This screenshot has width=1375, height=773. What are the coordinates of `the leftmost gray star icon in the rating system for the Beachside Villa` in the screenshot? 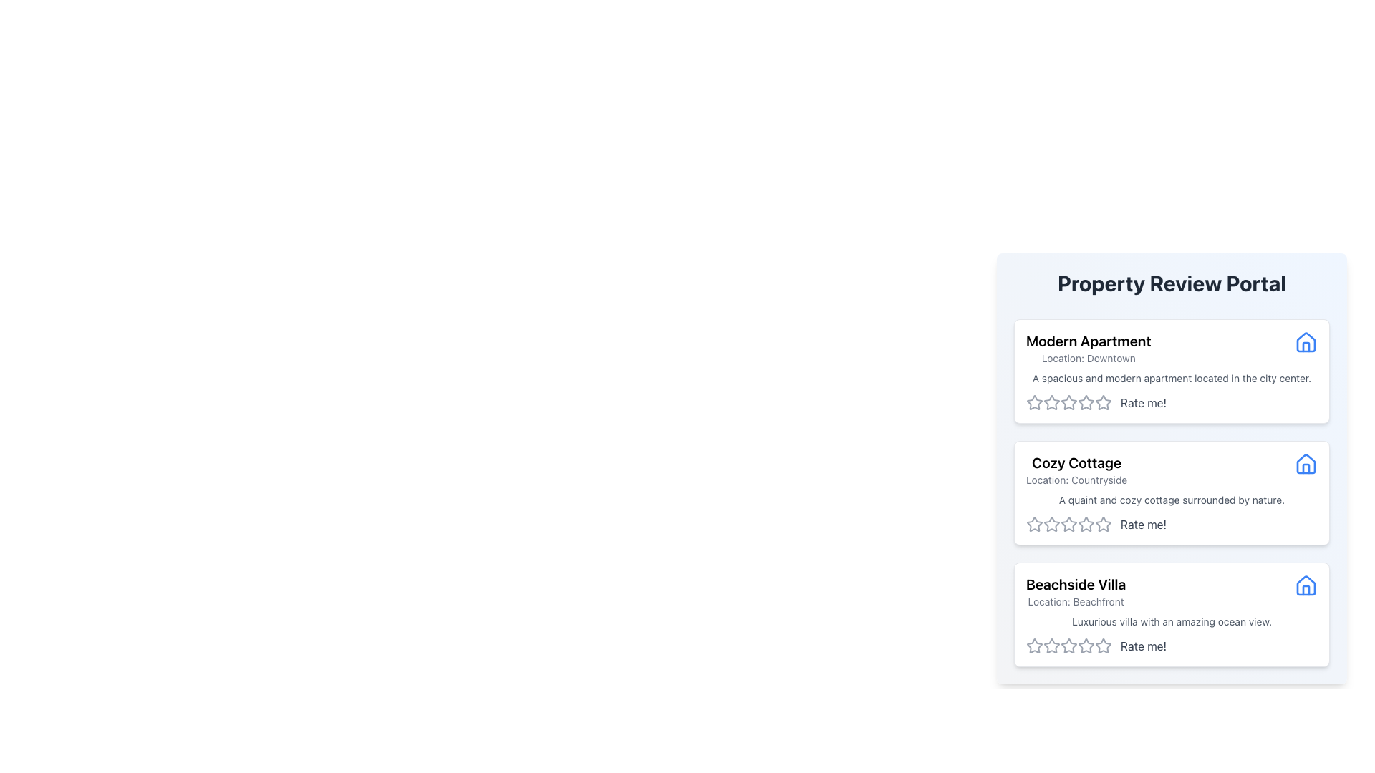 It's located at (1034, 646).